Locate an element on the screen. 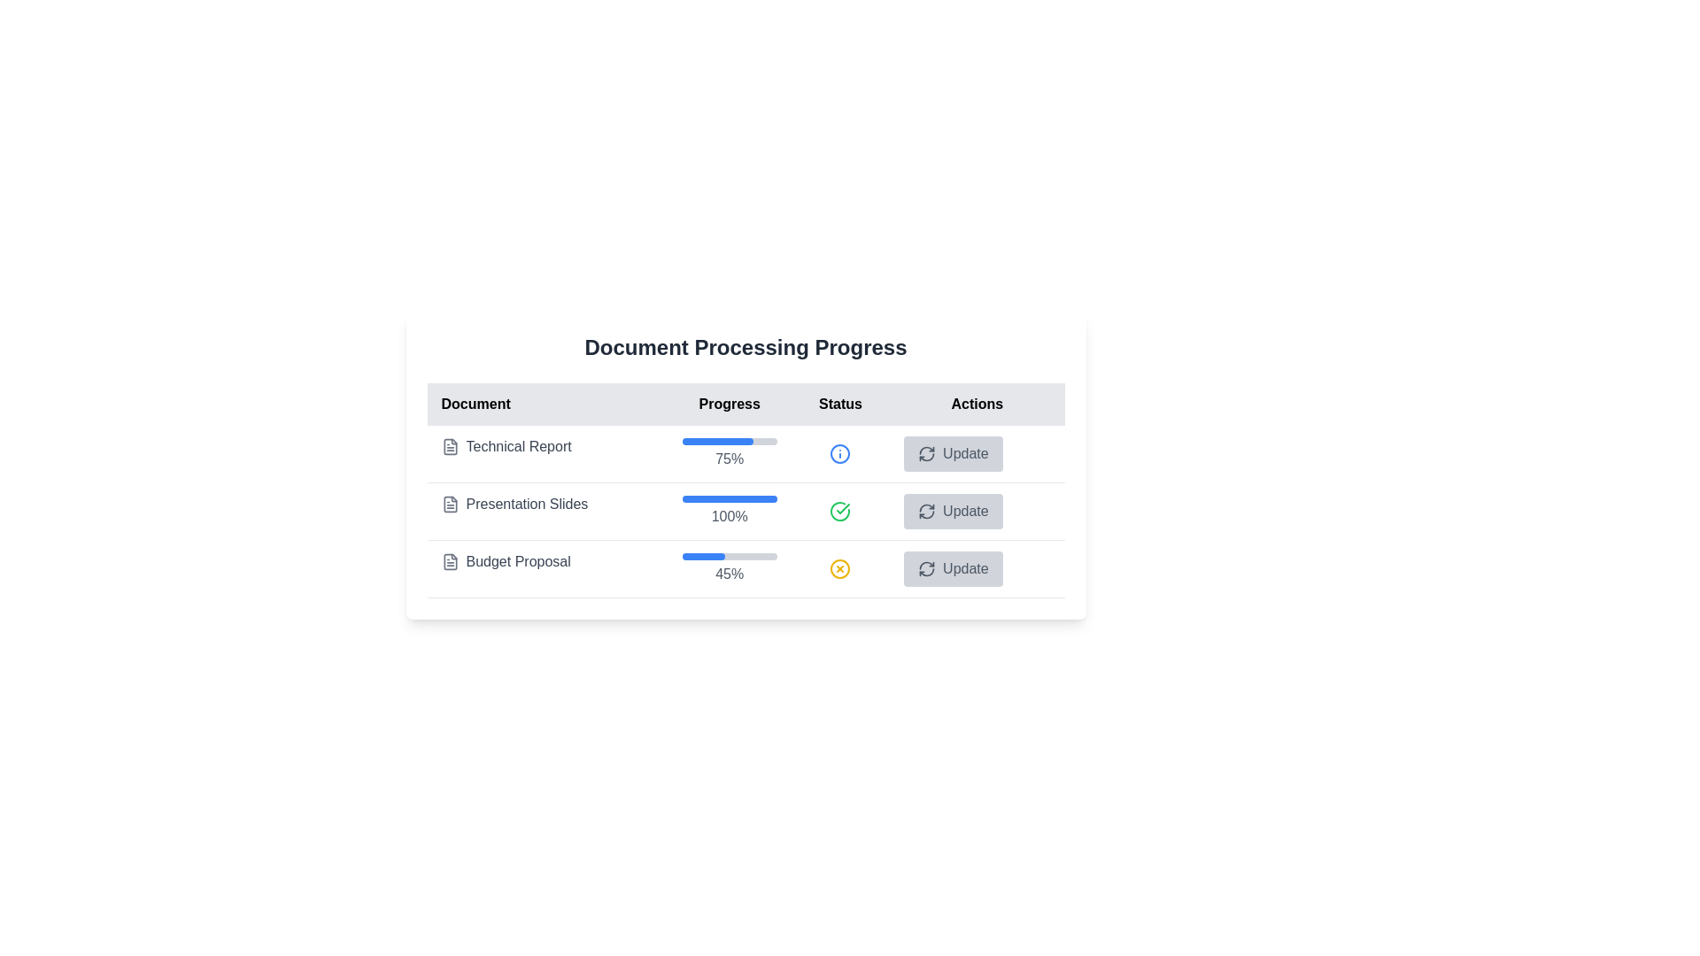  the document icon representing 'Presentation Slides' in the 'Document Processing Progress' table, located in the second row is located at coordinates (450, 505).